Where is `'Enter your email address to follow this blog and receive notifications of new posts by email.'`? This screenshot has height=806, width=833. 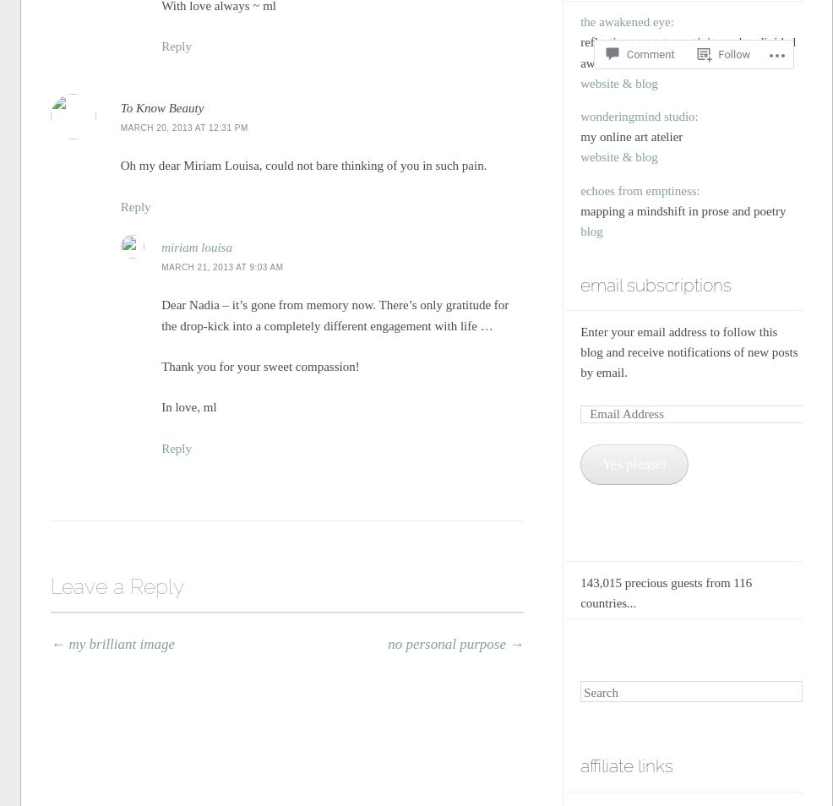
'Enter your email address to follow this blog and receive notifications of new posts by email.' is located at coordinates (689, 351).